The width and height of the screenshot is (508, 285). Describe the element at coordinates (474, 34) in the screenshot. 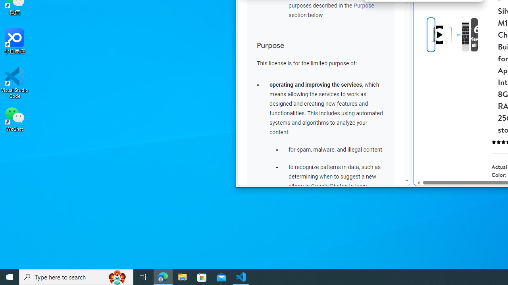

I see `'View all media'` at that location.